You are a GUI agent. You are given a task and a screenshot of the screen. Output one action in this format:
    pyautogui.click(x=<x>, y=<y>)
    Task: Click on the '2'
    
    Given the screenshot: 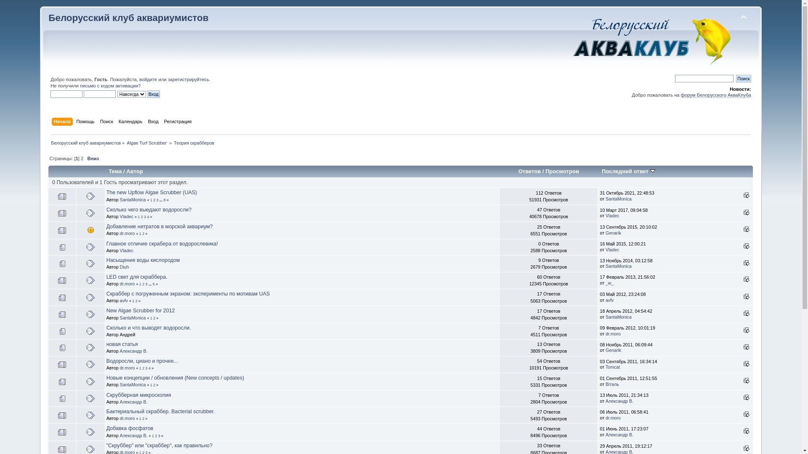 What is the action you would take?
    pyautogui.click(x=154, y=200)
    